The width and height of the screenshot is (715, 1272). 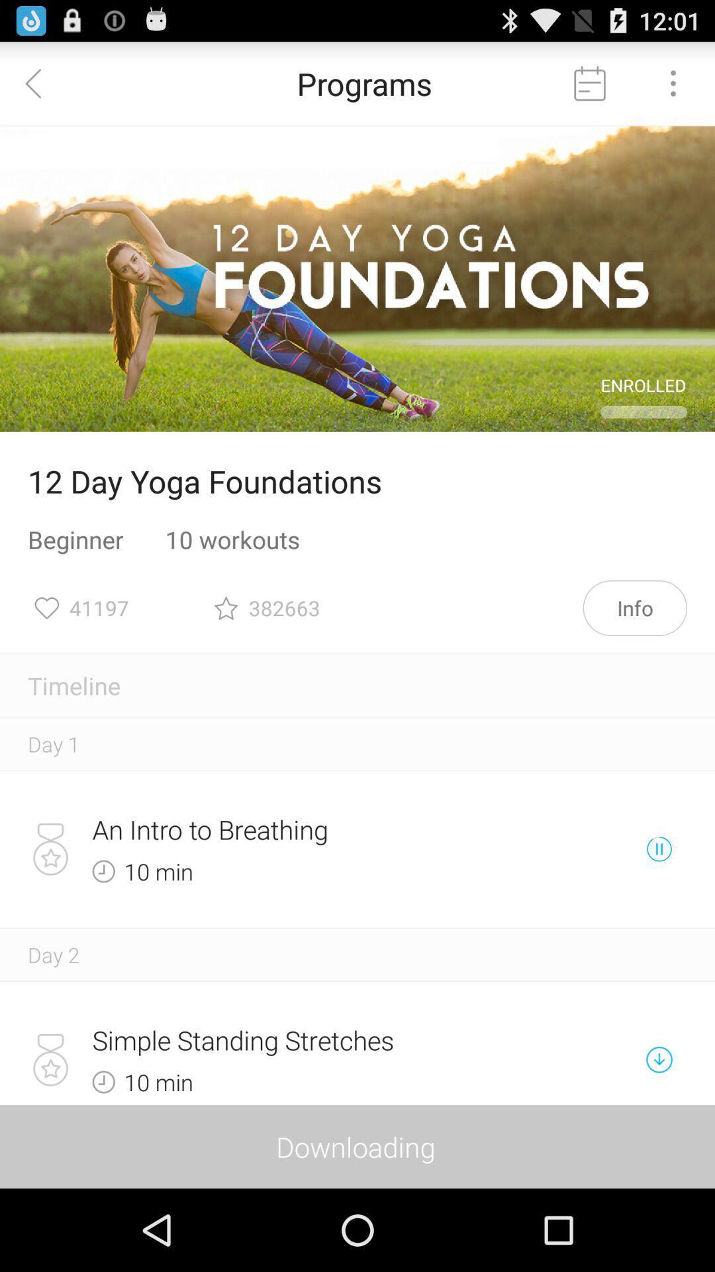 I want to click on the arrow_backward icon, so click(x=40, y=88).